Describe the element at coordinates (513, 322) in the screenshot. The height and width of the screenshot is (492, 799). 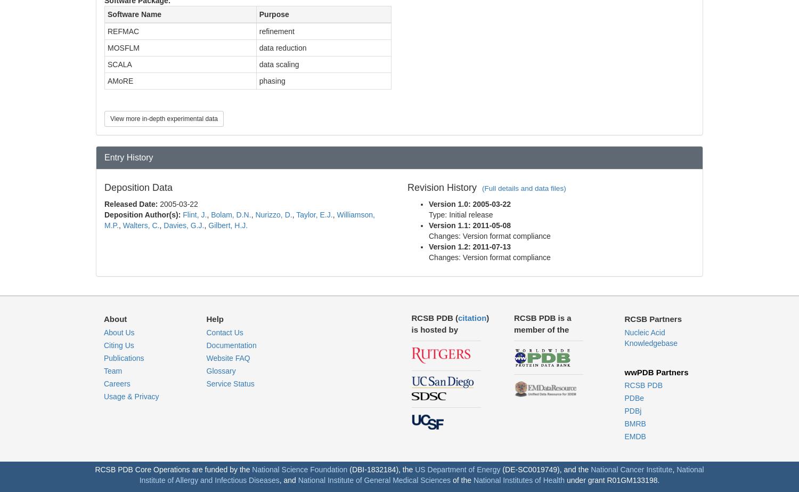
I see `'RCSB PDB is a member of the'` at that location.